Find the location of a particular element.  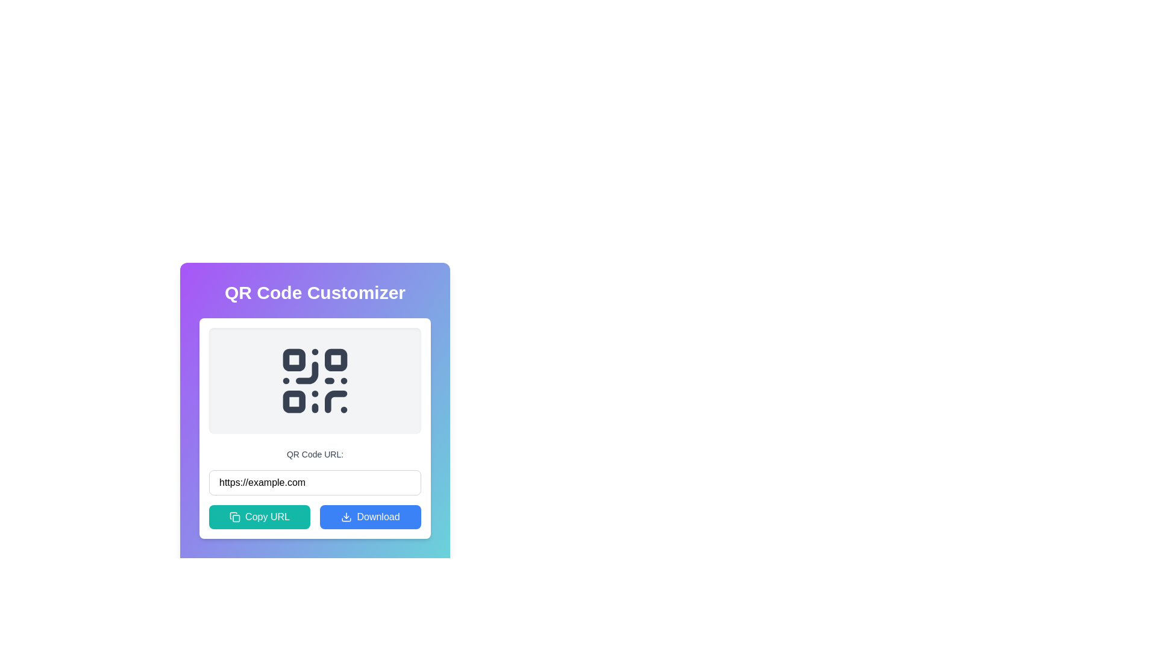

the Copy URL button icon, which signifies the copying action and is located to the left of its text label, situated below the QR code URL input field is located at coordinates (235, 516).